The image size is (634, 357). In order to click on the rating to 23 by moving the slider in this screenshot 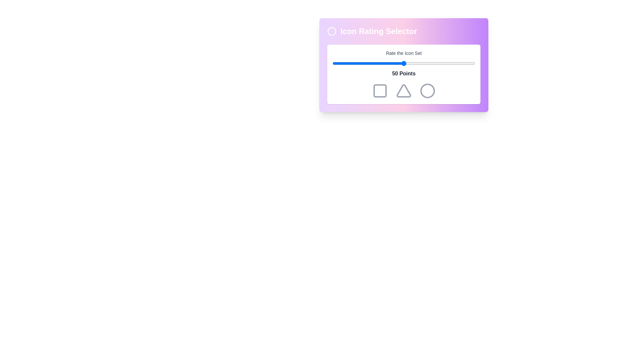, I will do `click(365, 63)`.